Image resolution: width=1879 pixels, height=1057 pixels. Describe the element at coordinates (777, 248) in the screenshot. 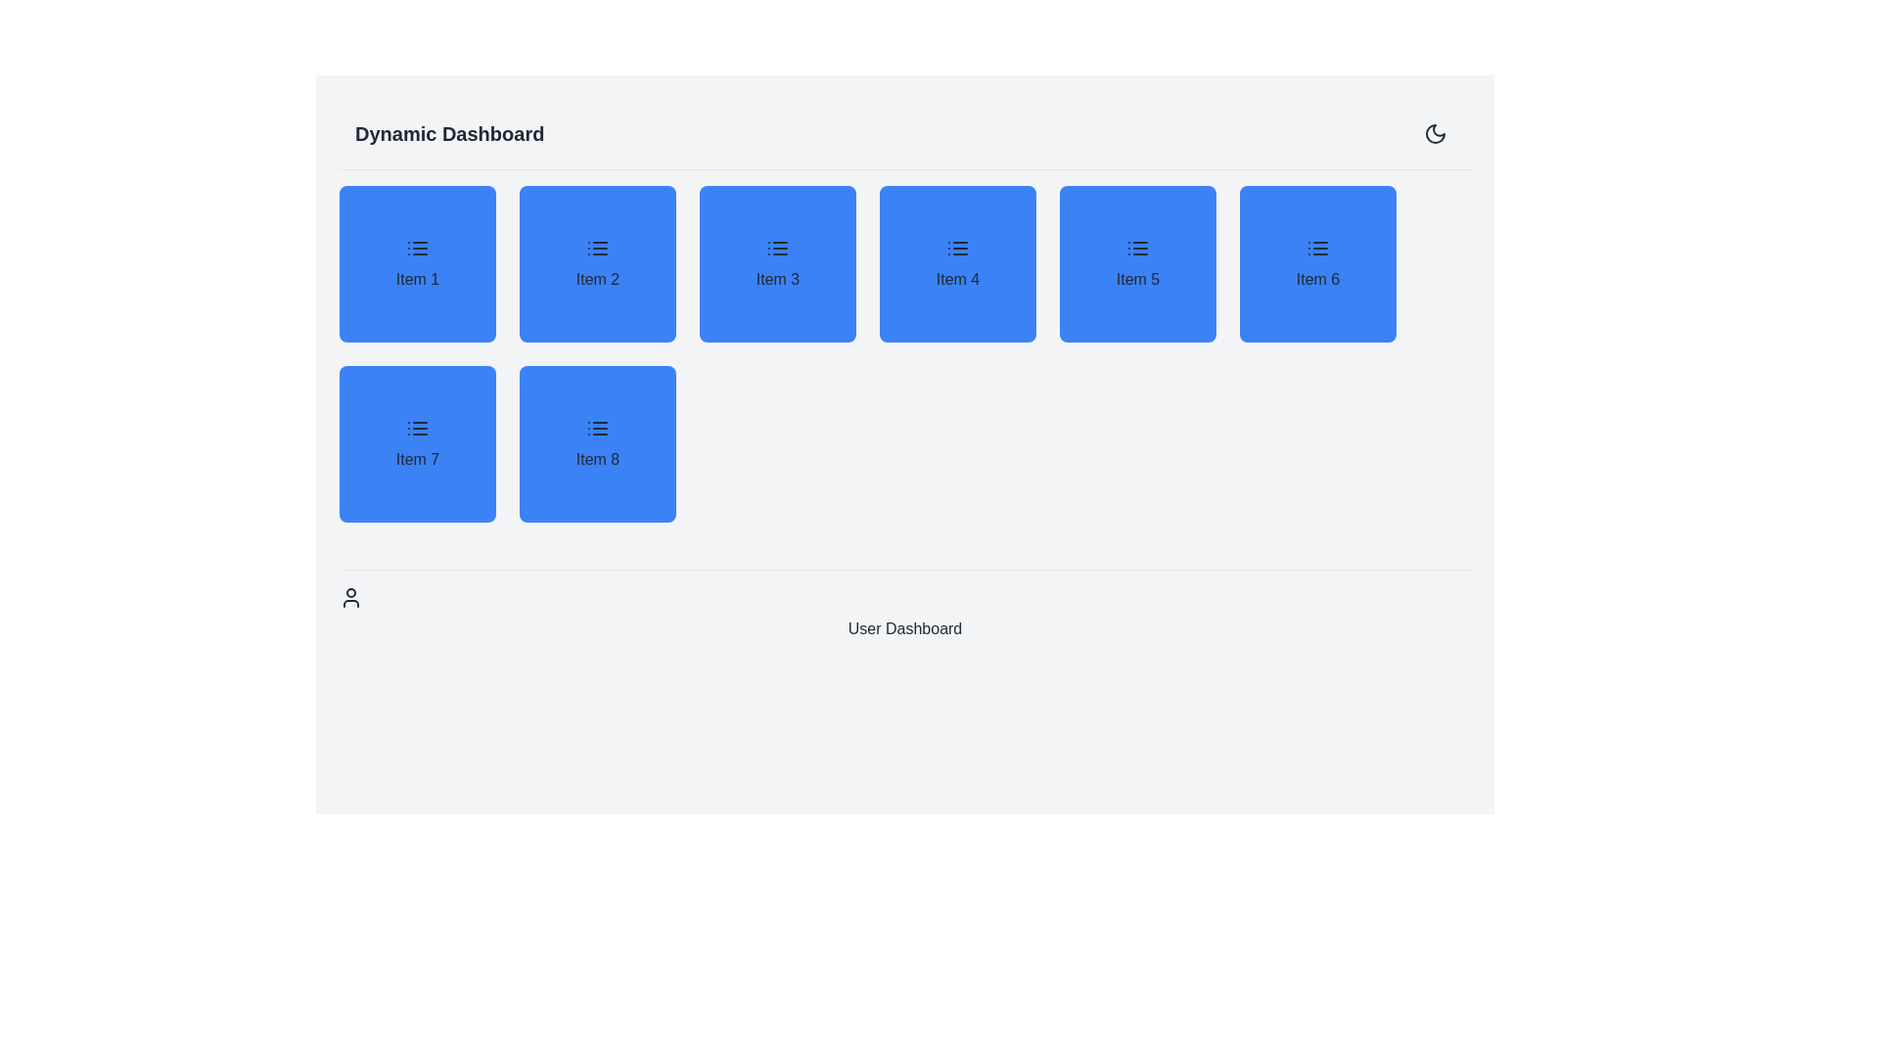

I see `the icon depicting three horizontal lines stacked vertically, located atop the blue card labeled 'Item 3' in the first row, third column of the grid layout` at that location.